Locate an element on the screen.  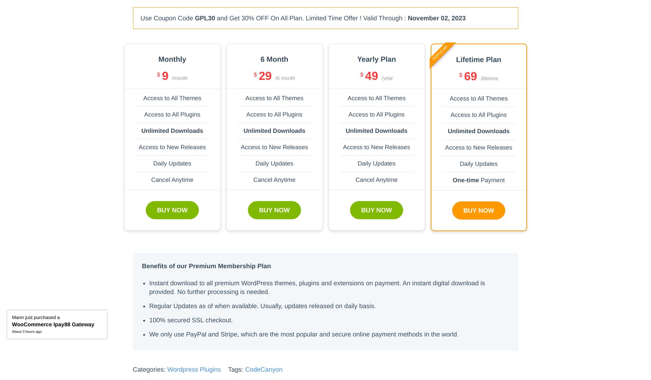
'Instant download to all premium WordPress themes, plugins and extensions on payment. An instant digital download is provided. No further processing is needed.' is located at coordinates (149, 287).